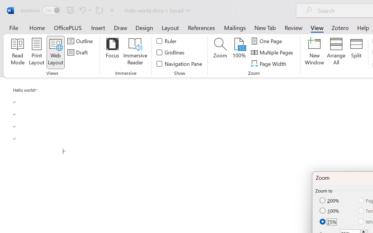  Describe the element at coordinates (144, 27) in the screenshot. I see `'Design'` at that location.